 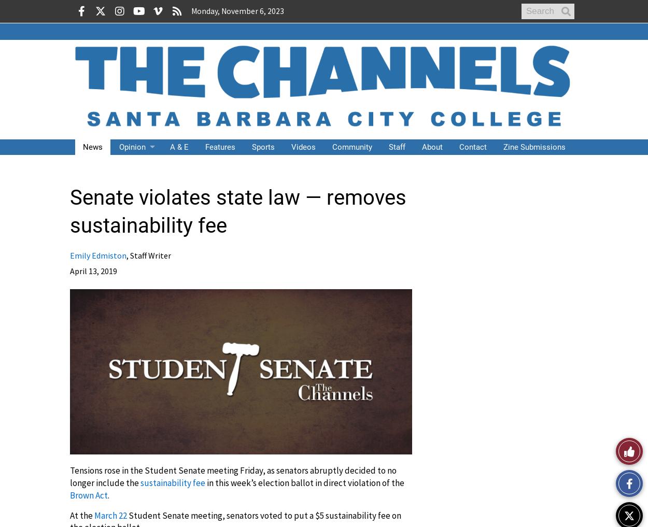 I want to click on 'Tensions rose in the Student Senate meeting Friday, as senators abruptly decided to no longer include the', so click(x=70, y=476).